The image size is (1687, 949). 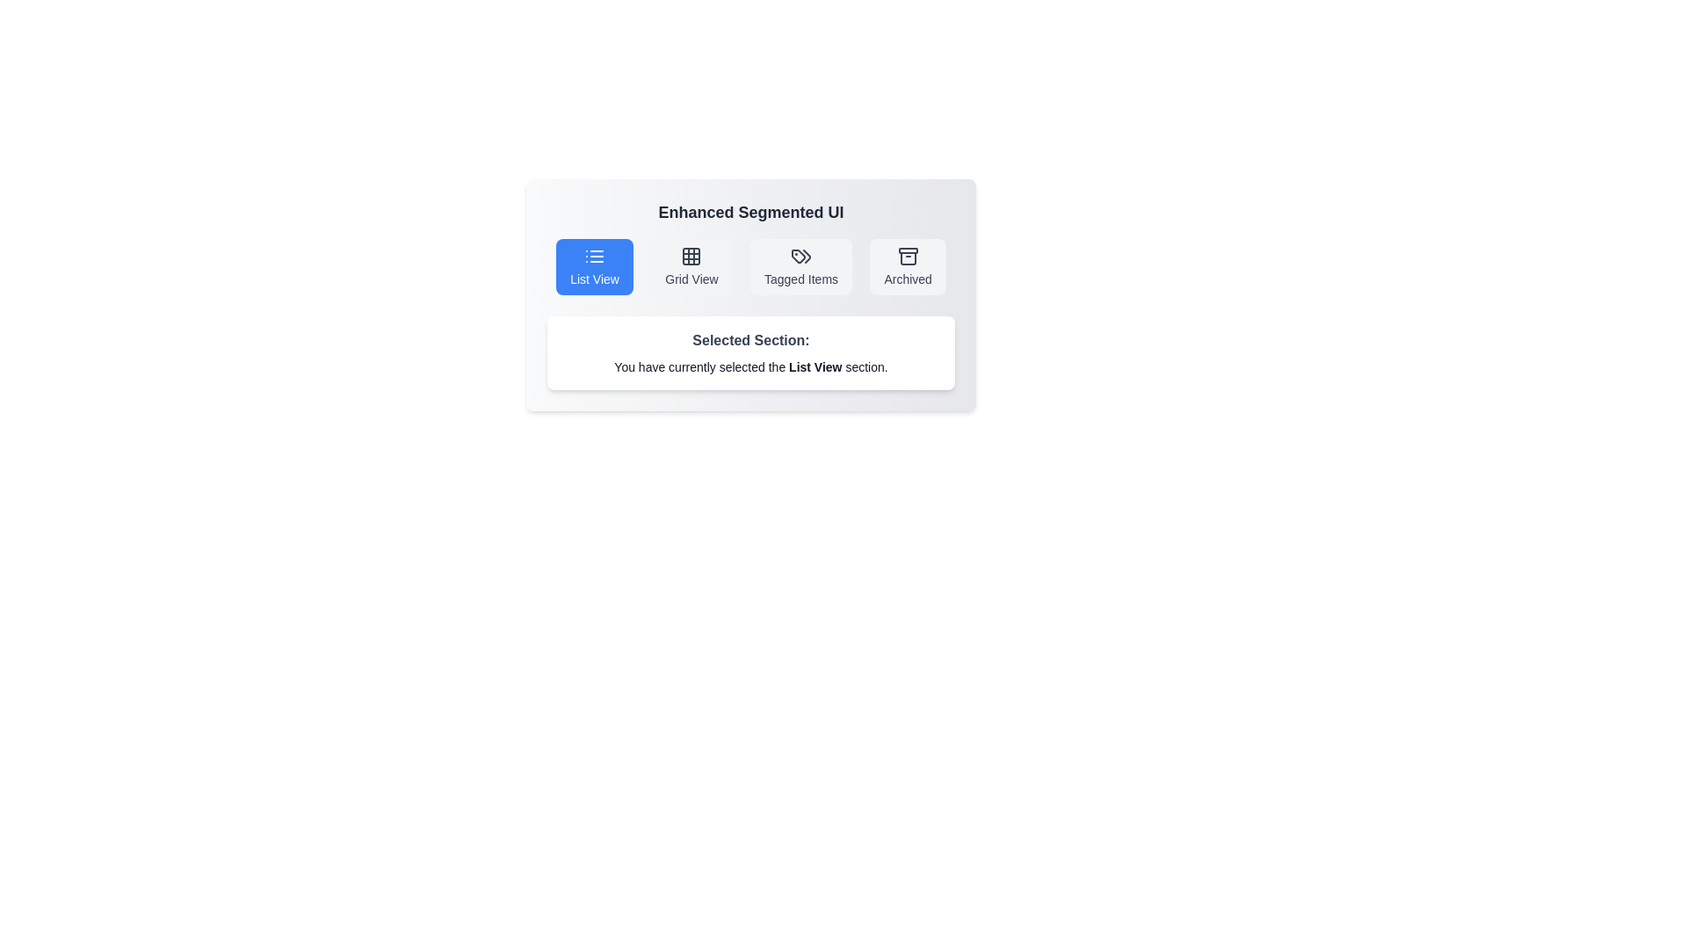 I want to click on the text label that indicates the archiving section, located below the archive box icon in the segmented control bar on the far right, so click(x=908, y=278).